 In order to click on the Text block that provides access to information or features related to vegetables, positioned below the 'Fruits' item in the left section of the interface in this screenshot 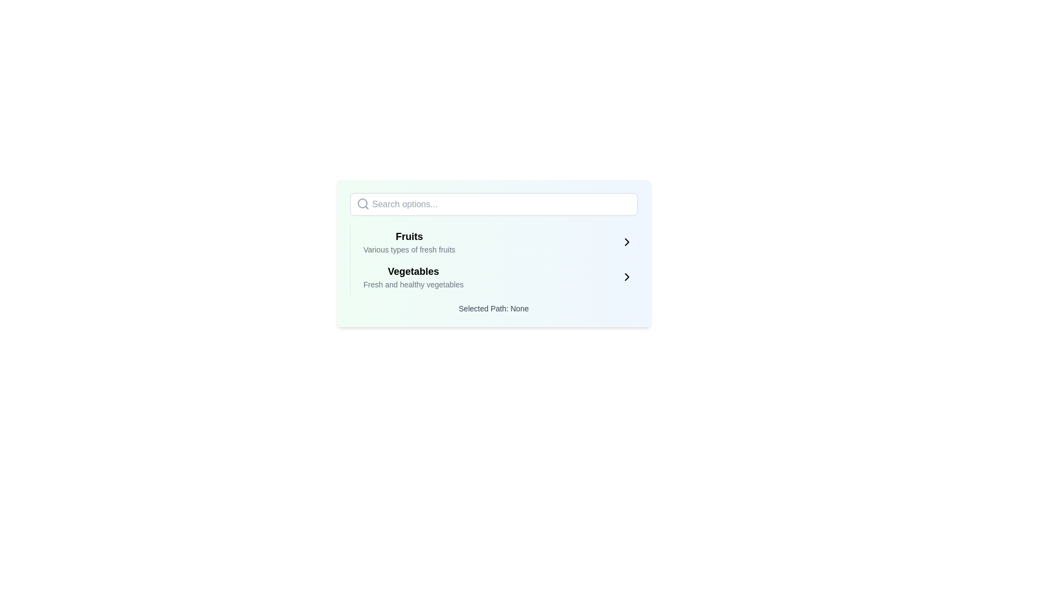, I will do `click(413, 277)`.